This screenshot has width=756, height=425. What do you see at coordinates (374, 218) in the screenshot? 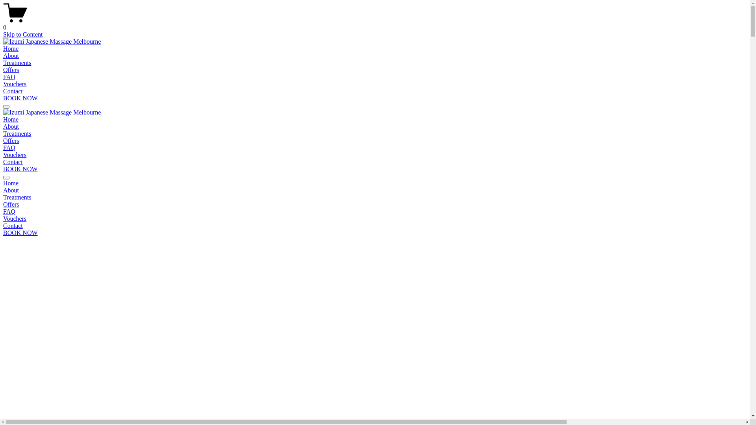
I see `'Vouchers'` at bounding box center [374, 218].